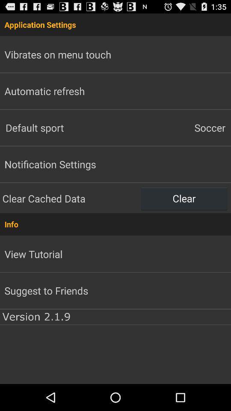 This screenshot has height=411, width=231. What do you see at coordinates (58, 54) in the screenshot?
I see `vibrates on menu app` at bounding box center [58, 54].